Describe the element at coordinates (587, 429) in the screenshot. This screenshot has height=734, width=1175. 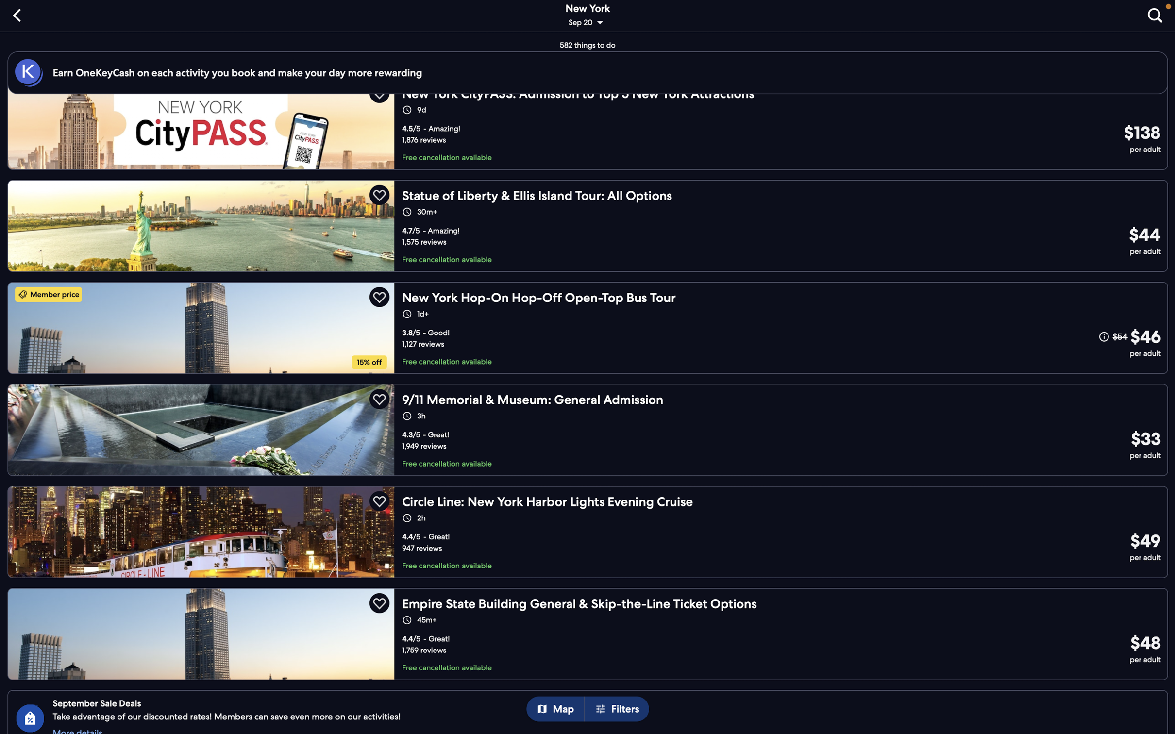
I see `the "memorial tour" button to acquire more information` at that location.